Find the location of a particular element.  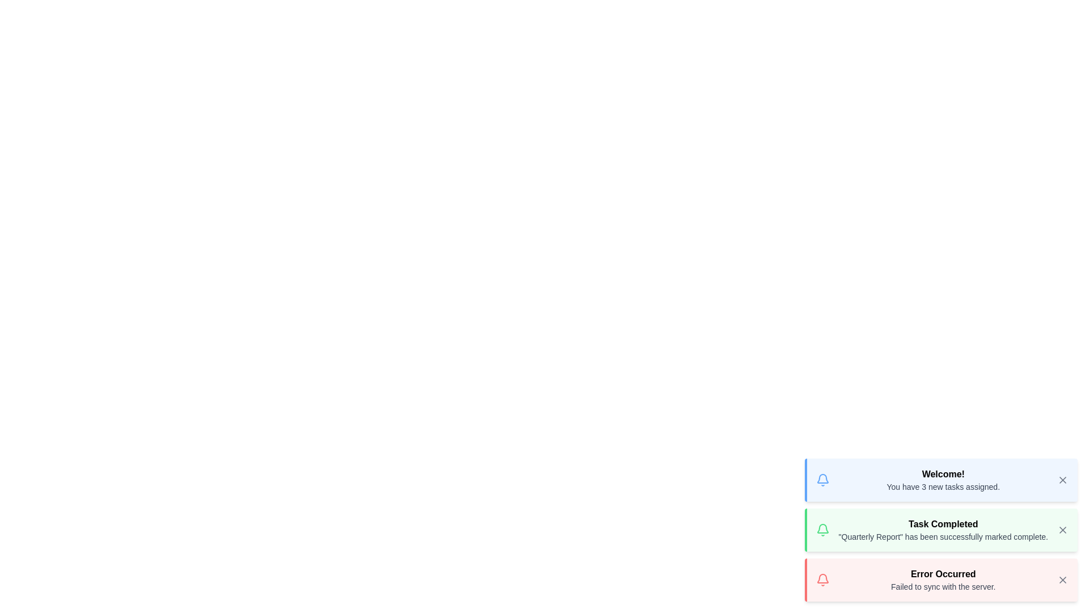

the static text label that informs the user about the number of new tasks assigned, located below the heading 'Welcome!' in the first notification box is located at coordinates (943, 486).